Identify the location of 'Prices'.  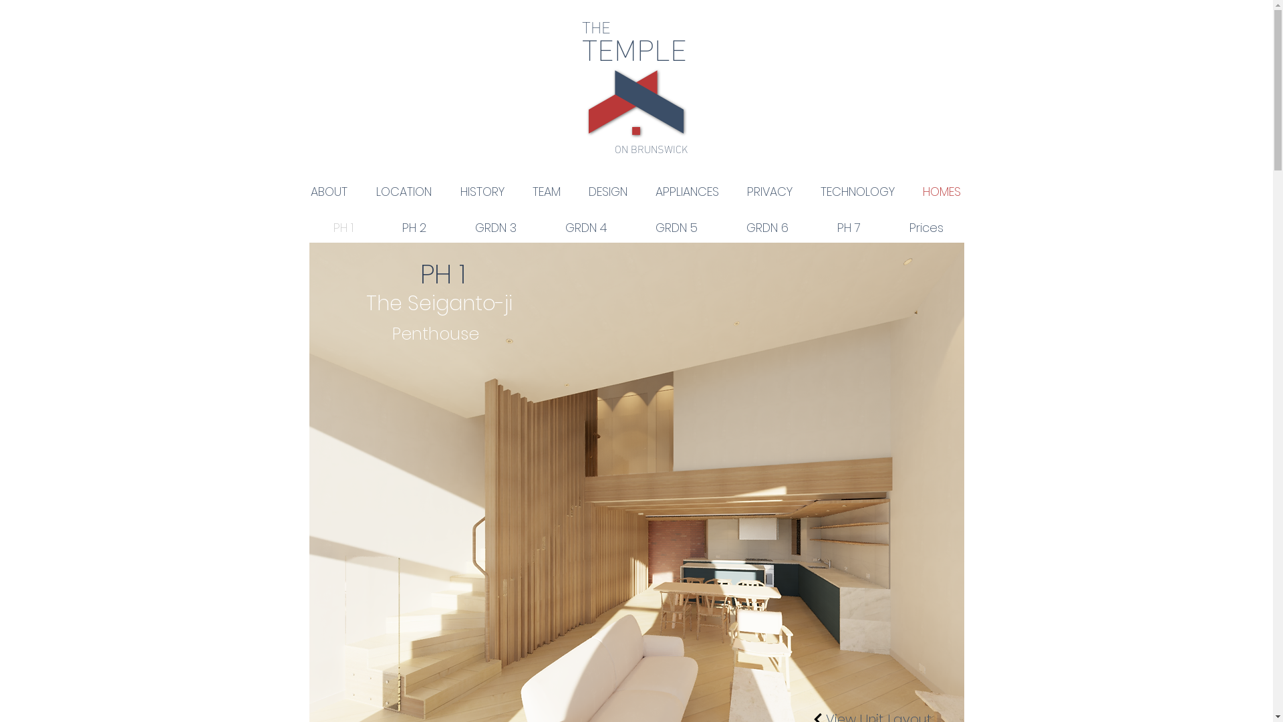
(925, 227).